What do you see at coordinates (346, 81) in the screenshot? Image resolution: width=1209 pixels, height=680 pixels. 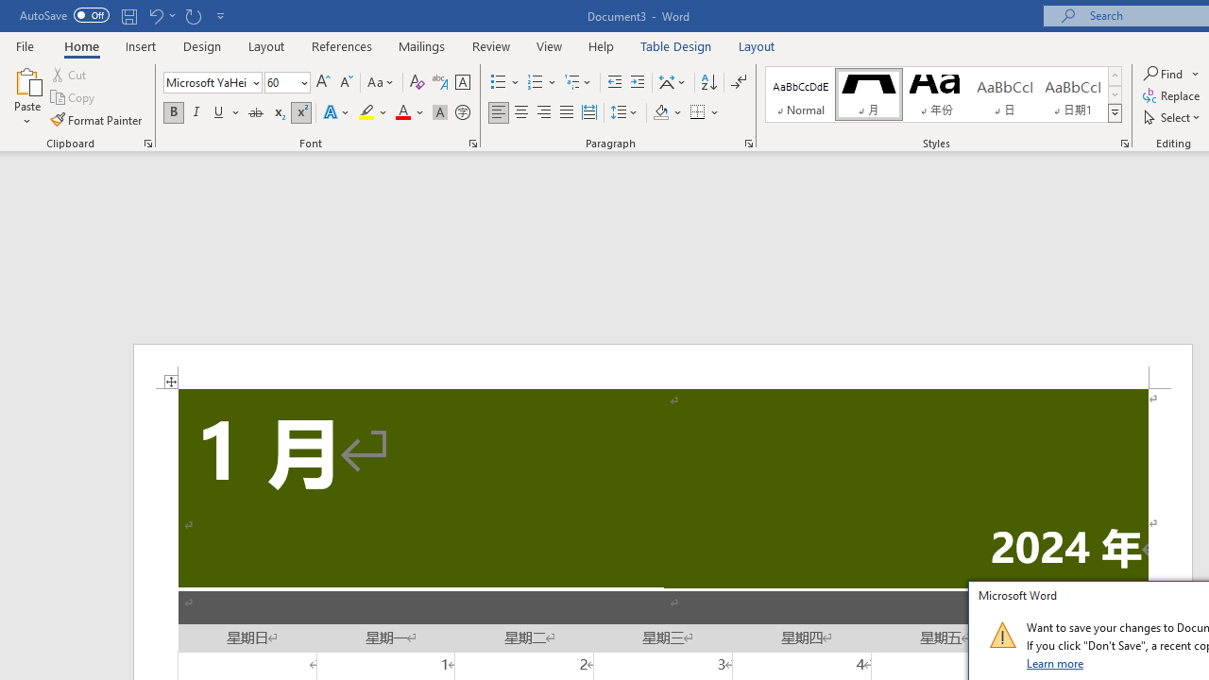 I see `'Shrink Font'` at bounding box center [346, 81].